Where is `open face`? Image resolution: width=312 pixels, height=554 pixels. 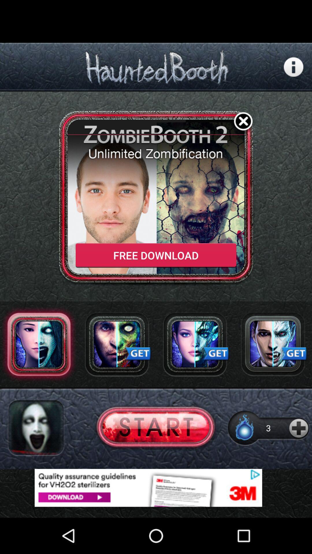
open face is located at coordinates (117, 344).